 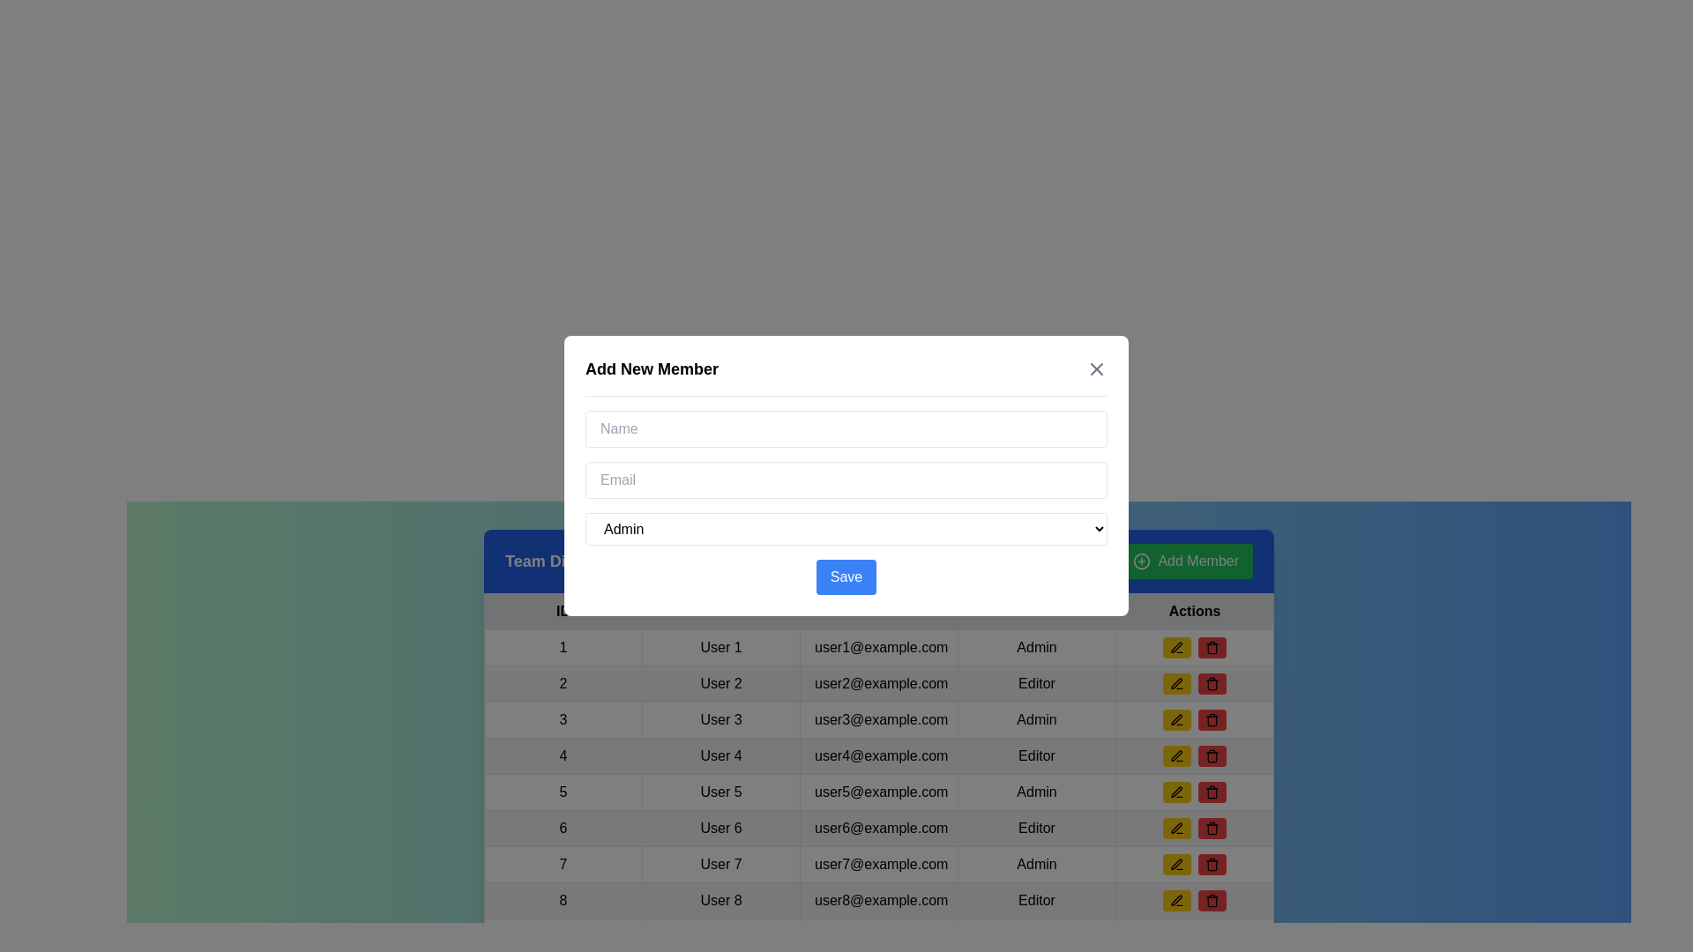 I want to click on the rounded rectangular 'Save' button with a blue background and white text, so click(x=846, y=577).